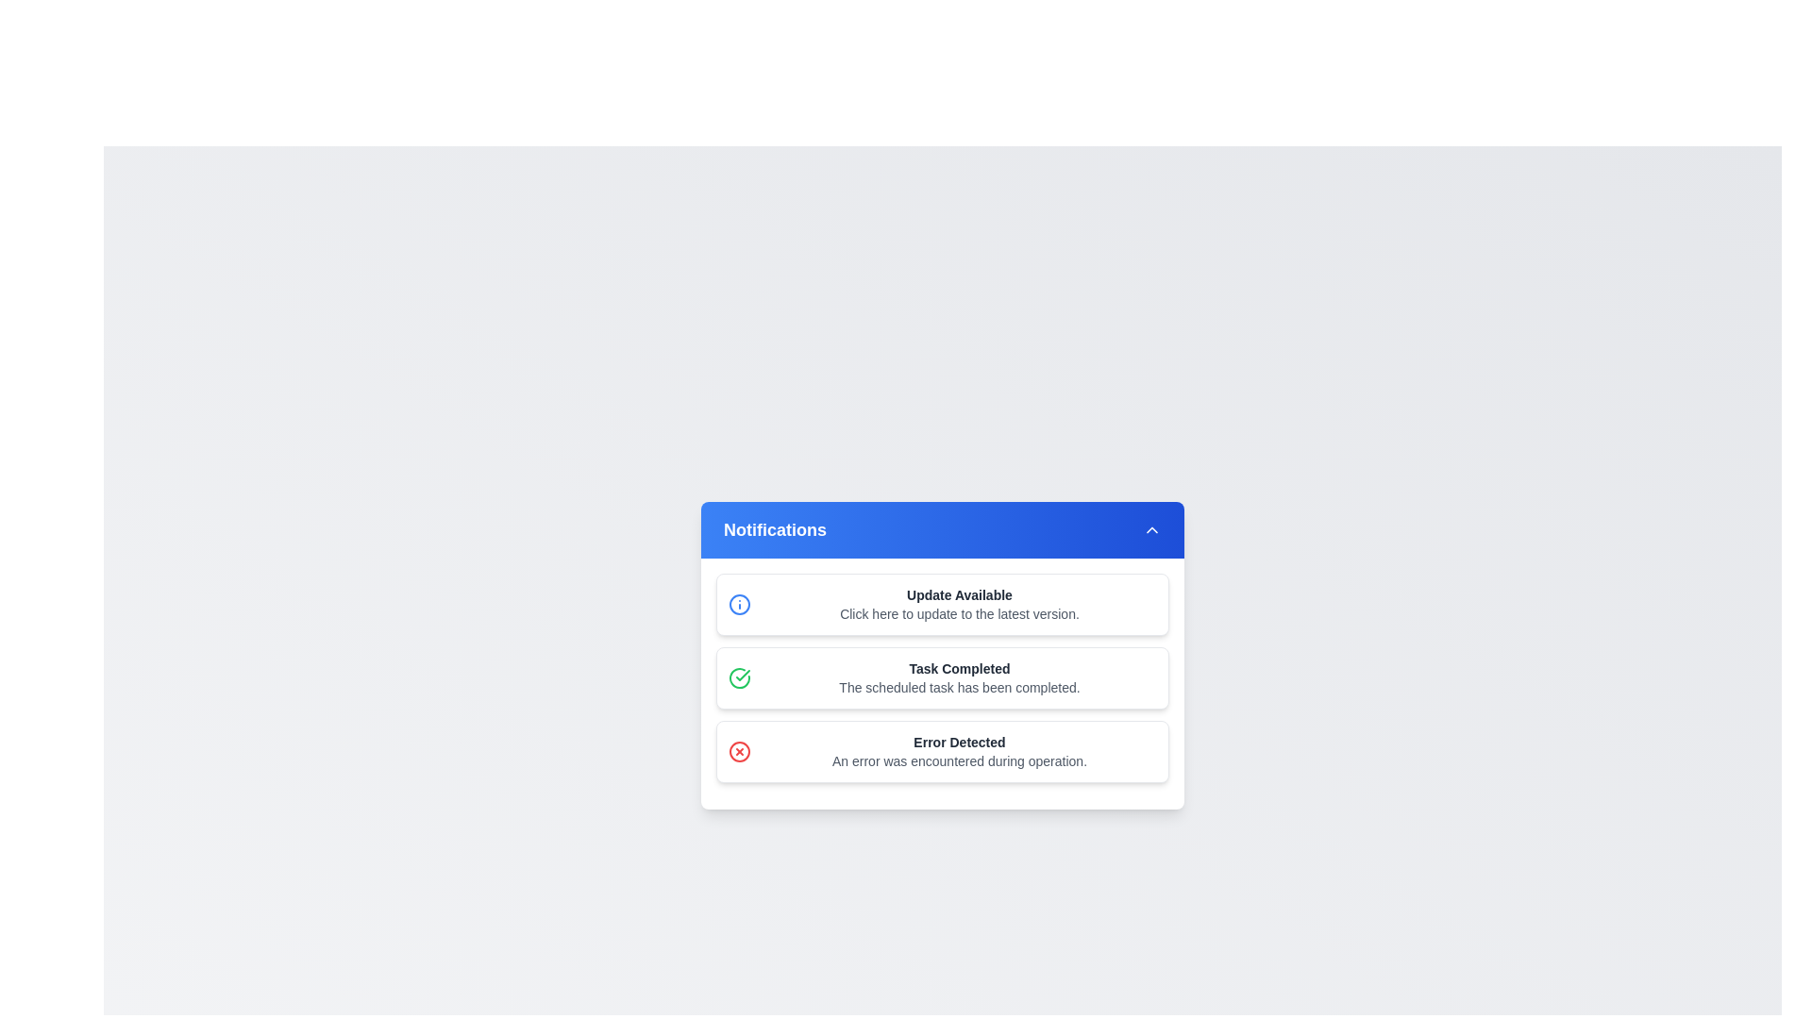 Image resolution: width=1812 pixels, height=1019 pixels. Describe the element at coordinates (738, 751) in the screenshot. I see `the visual error indicator icon located to the left of the notification text in the third notification card titled 'Error Detected'` at that location.